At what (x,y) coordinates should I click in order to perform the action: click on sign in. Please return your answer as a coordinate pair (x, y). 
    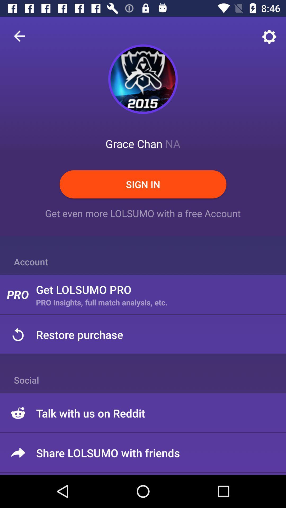
    Looking at the image, I should click on (143, 184).